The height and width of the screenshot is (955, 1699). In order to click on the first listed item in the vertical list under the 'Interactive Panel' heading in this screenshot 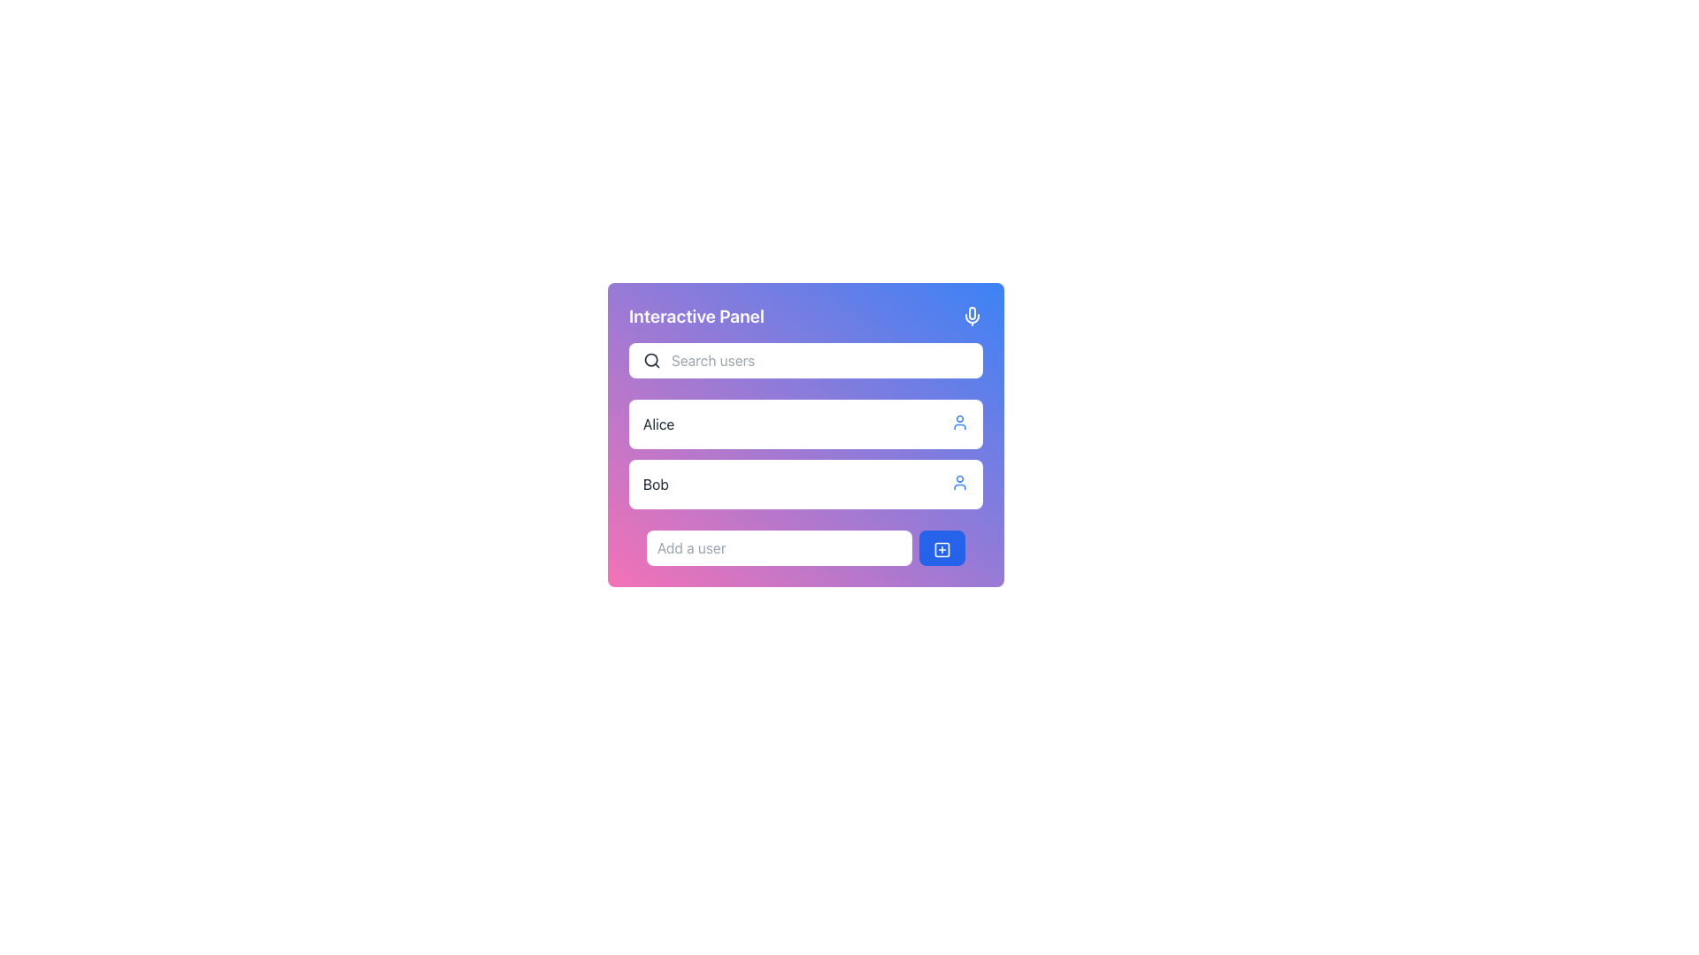, I will do `click(805, 424)`.